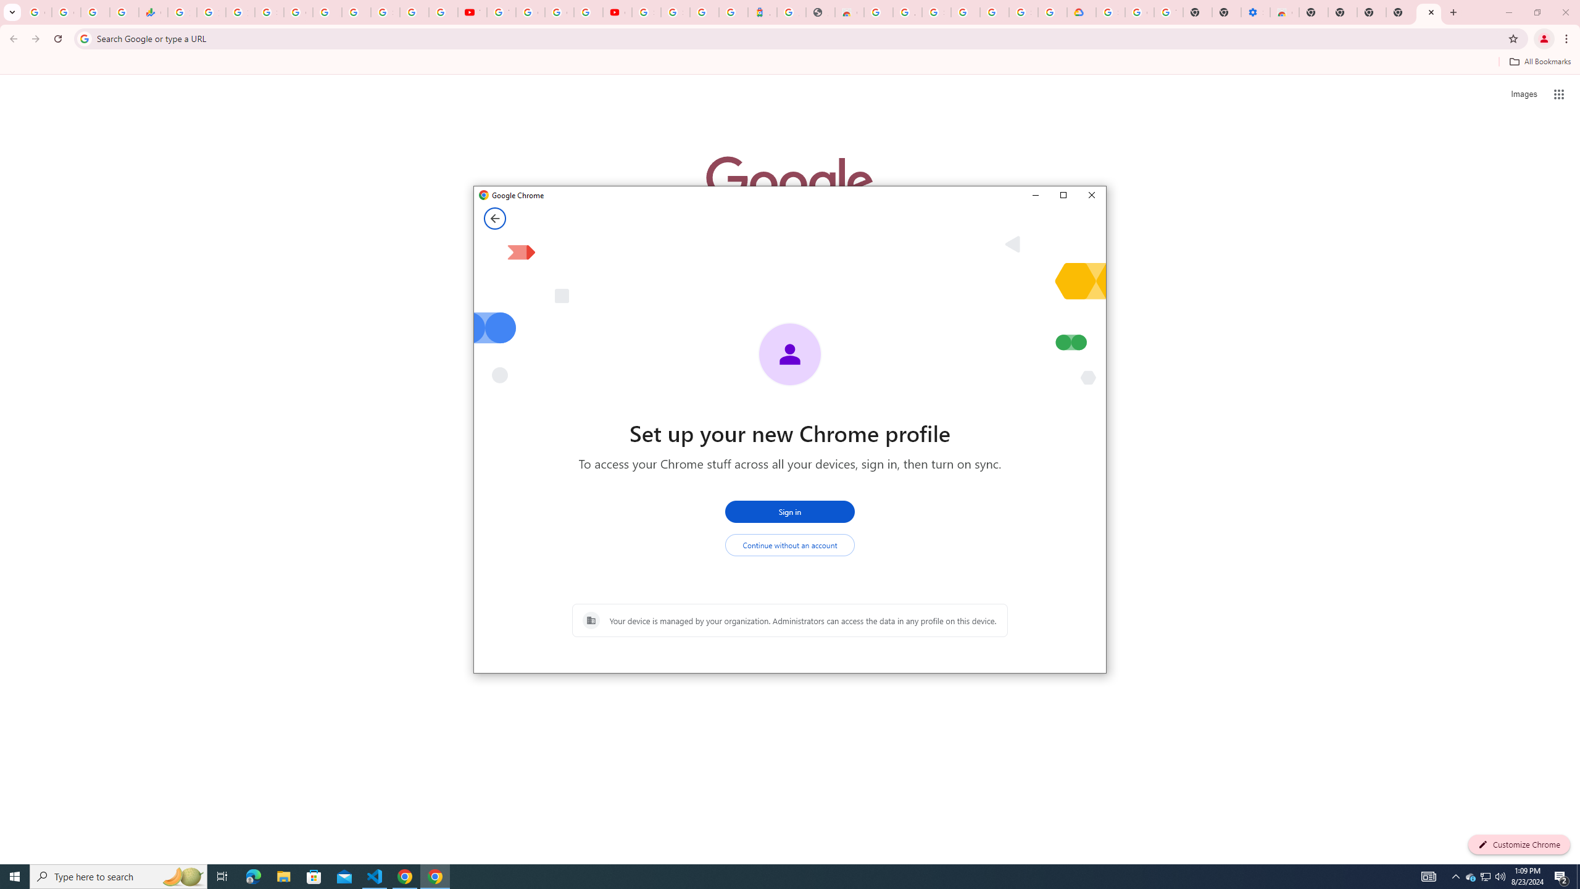 This screenshot has height=889, width=1580. Describe the element at coordinates (1400, 12) in the screenshot. I see `'New Tab'` at that location.